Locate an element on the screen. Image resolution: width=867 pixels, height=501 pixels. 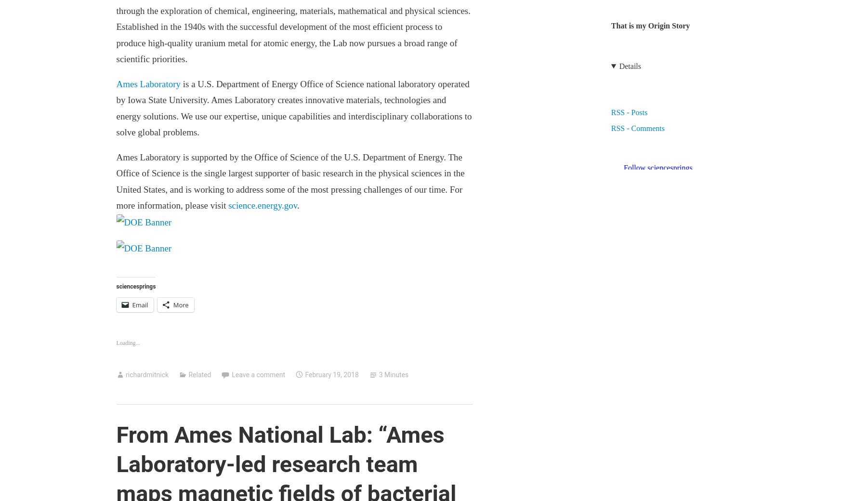
'Related' is located at coordinates (199, 374).